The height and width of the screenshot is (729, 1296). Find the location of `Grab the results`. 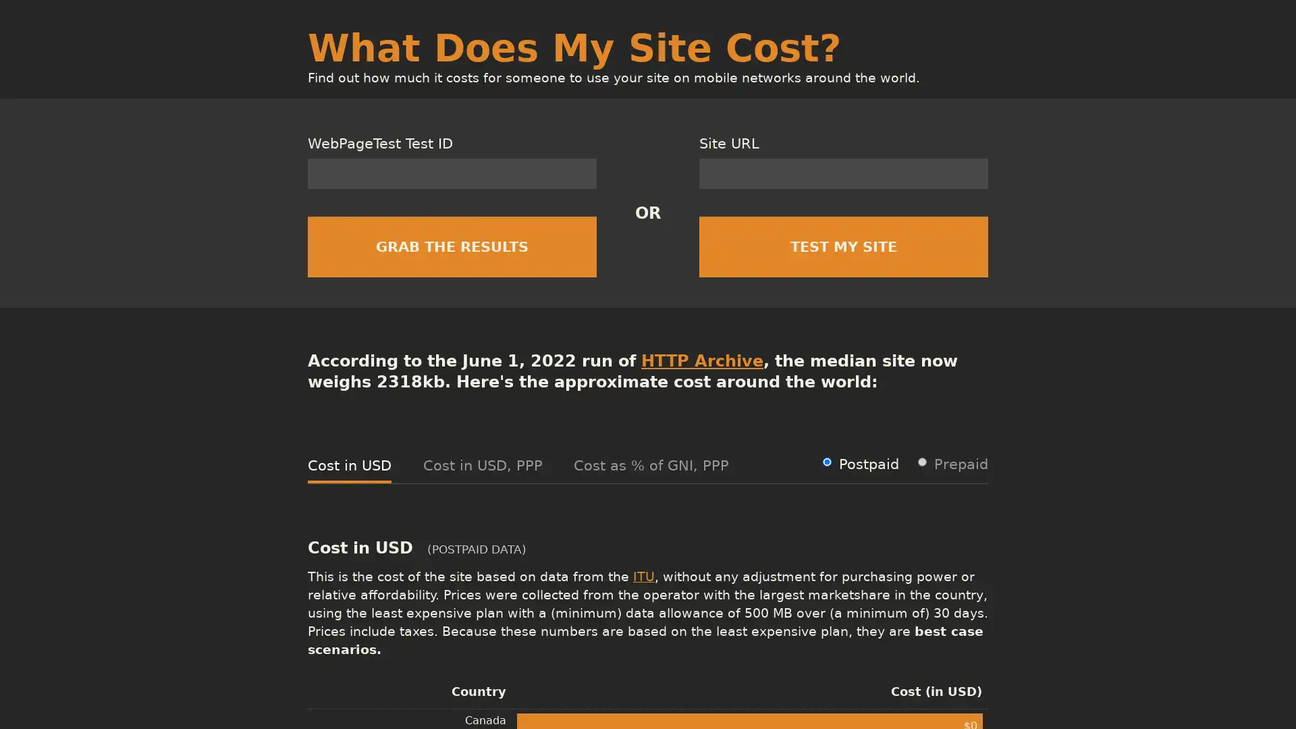

Grab the results is located at coordinates (452, 246).